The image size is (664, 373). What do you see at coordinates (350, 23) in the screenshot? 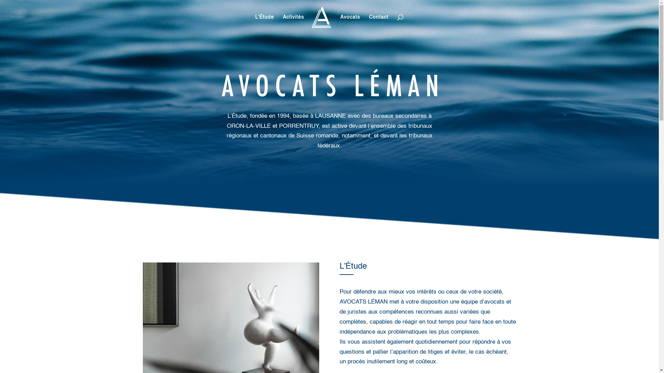
I see `'Avocats'` at bounding box center [350, 23].